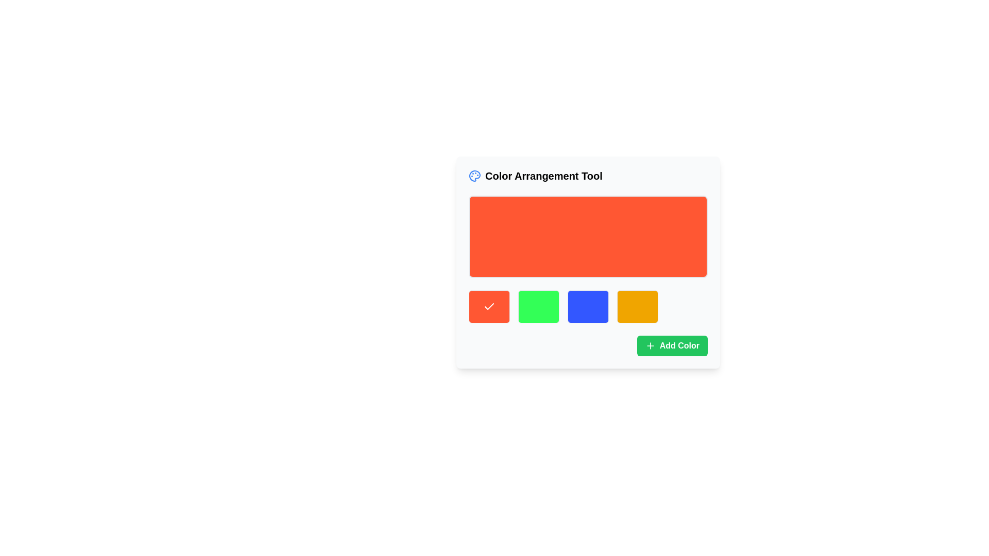  Describe the element at coordinates (588, 176) in the screenshot. I see `the header indicating 'Color Arrangement Tool', which is located at the top of the white panel and aligned to the left of the 'Add Color' button` at that location.